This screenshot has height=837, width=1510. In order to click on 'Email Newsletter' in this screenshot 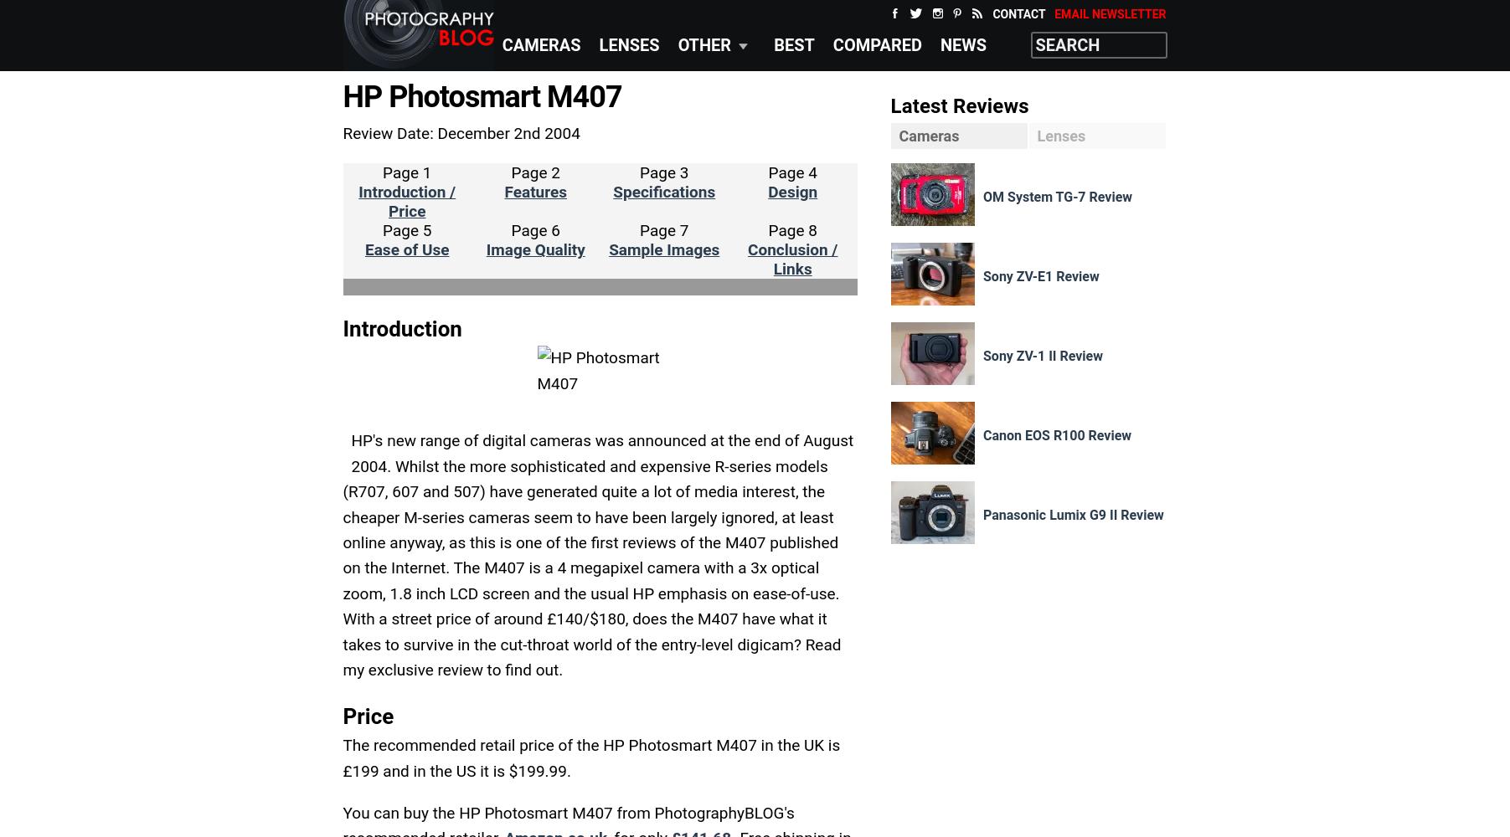, I will do `click(1054, 14)`.